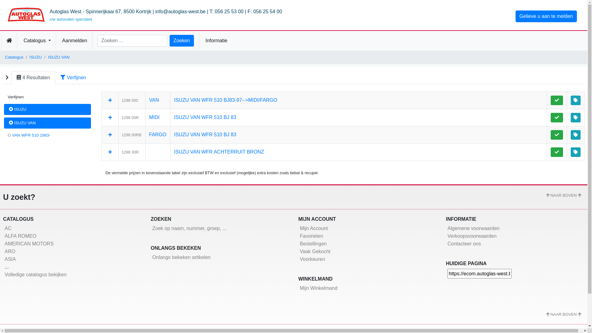  Describe the element at coordinates (473, 228) in the screenshot. I see `'Algemene voorwaarden'` at that location.